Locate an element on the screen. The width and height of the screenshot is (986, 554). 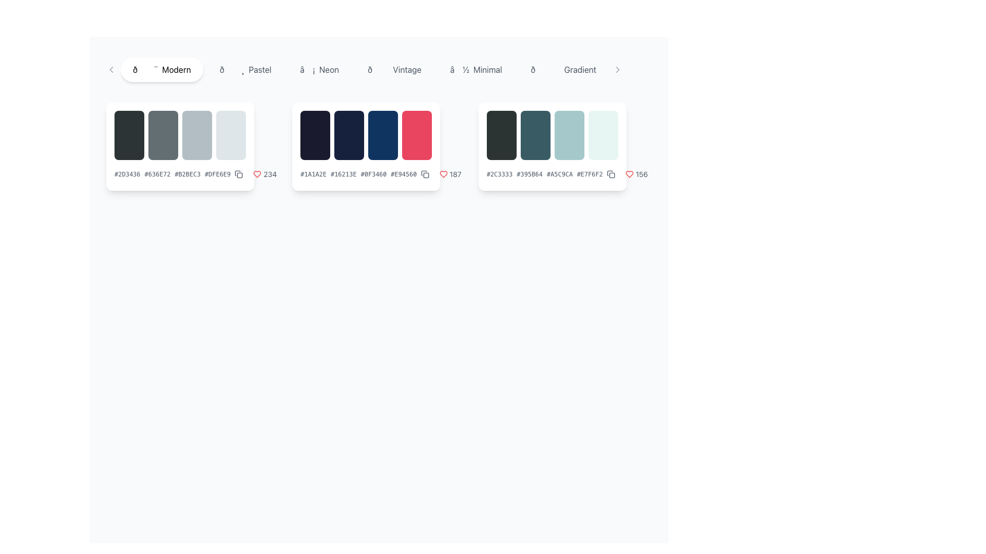
the lightning bolt icon, which is gray and positioned to the left of the word 'Neon' is located at coordinates (307, 69).